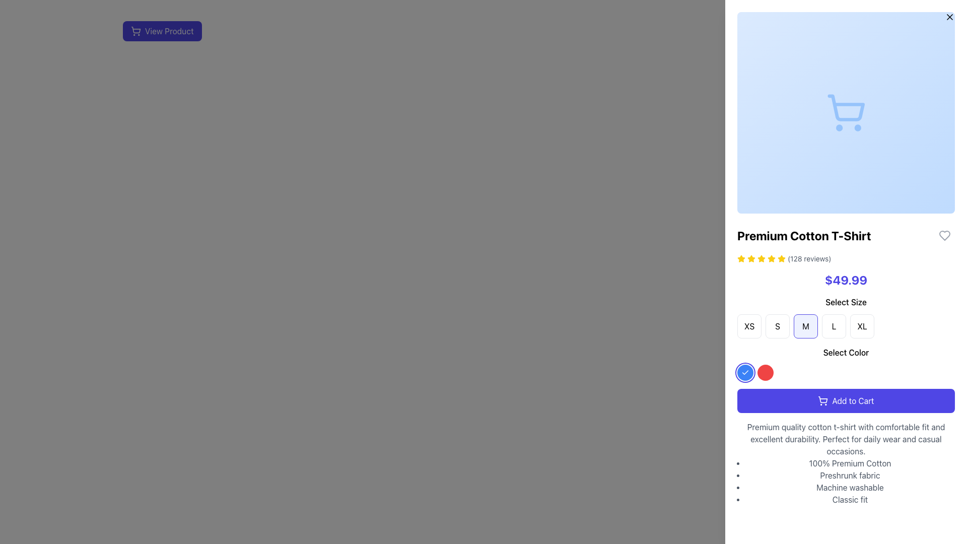 The height and width of the screenshot is (544, 967). What do you see at coordinates (846, 302) in the screenshot?
I see `the static text label that serves as the title for the size selection menu, positioned above the size options and below the price display showing '$49.99'` at bounding box center [846, 302].